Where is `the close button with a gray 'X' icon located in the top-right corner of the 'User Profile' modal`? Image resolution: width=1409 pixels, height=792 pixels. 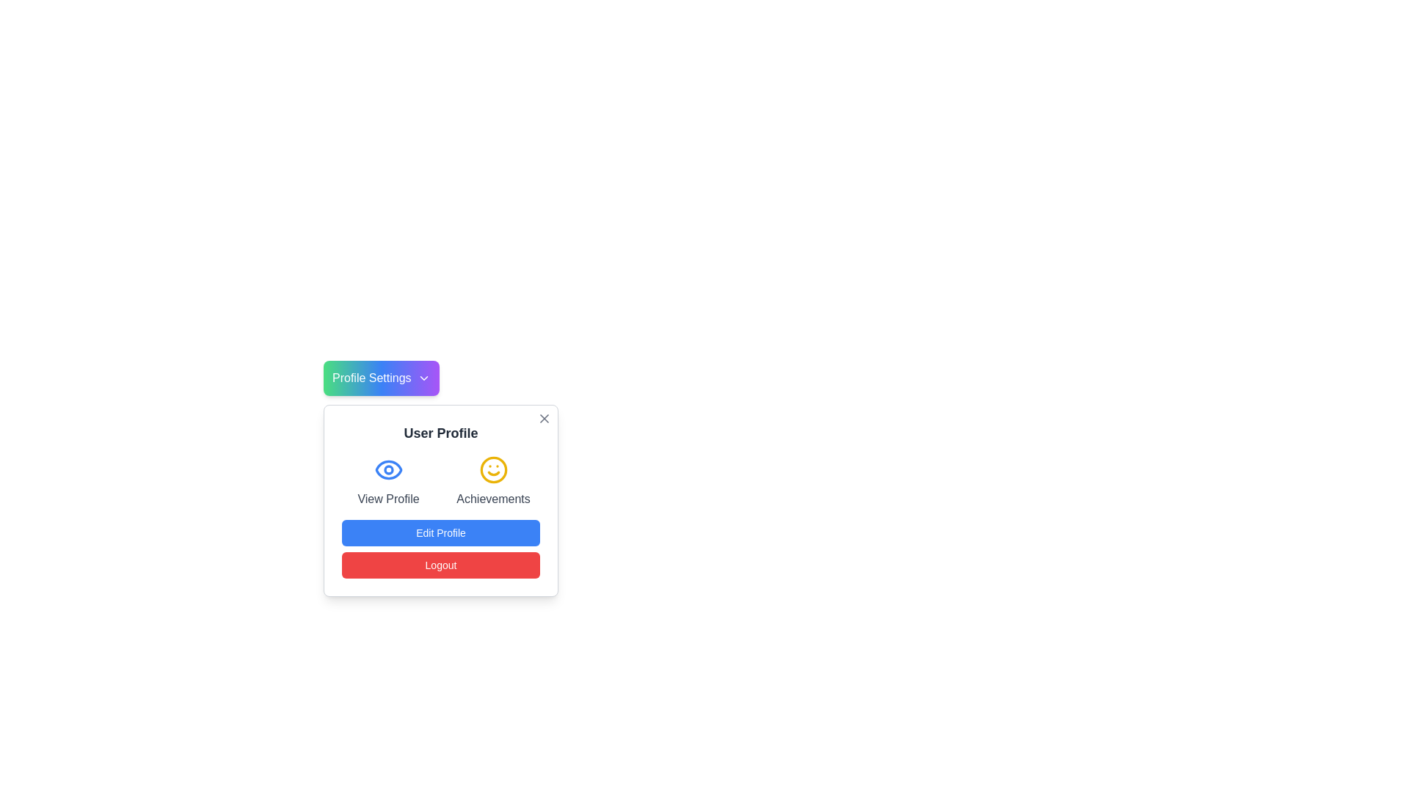 the close button with a gray 'X' icon located in the top-right corner of the 'User Profile' modal is located at coordinates (544, 418).